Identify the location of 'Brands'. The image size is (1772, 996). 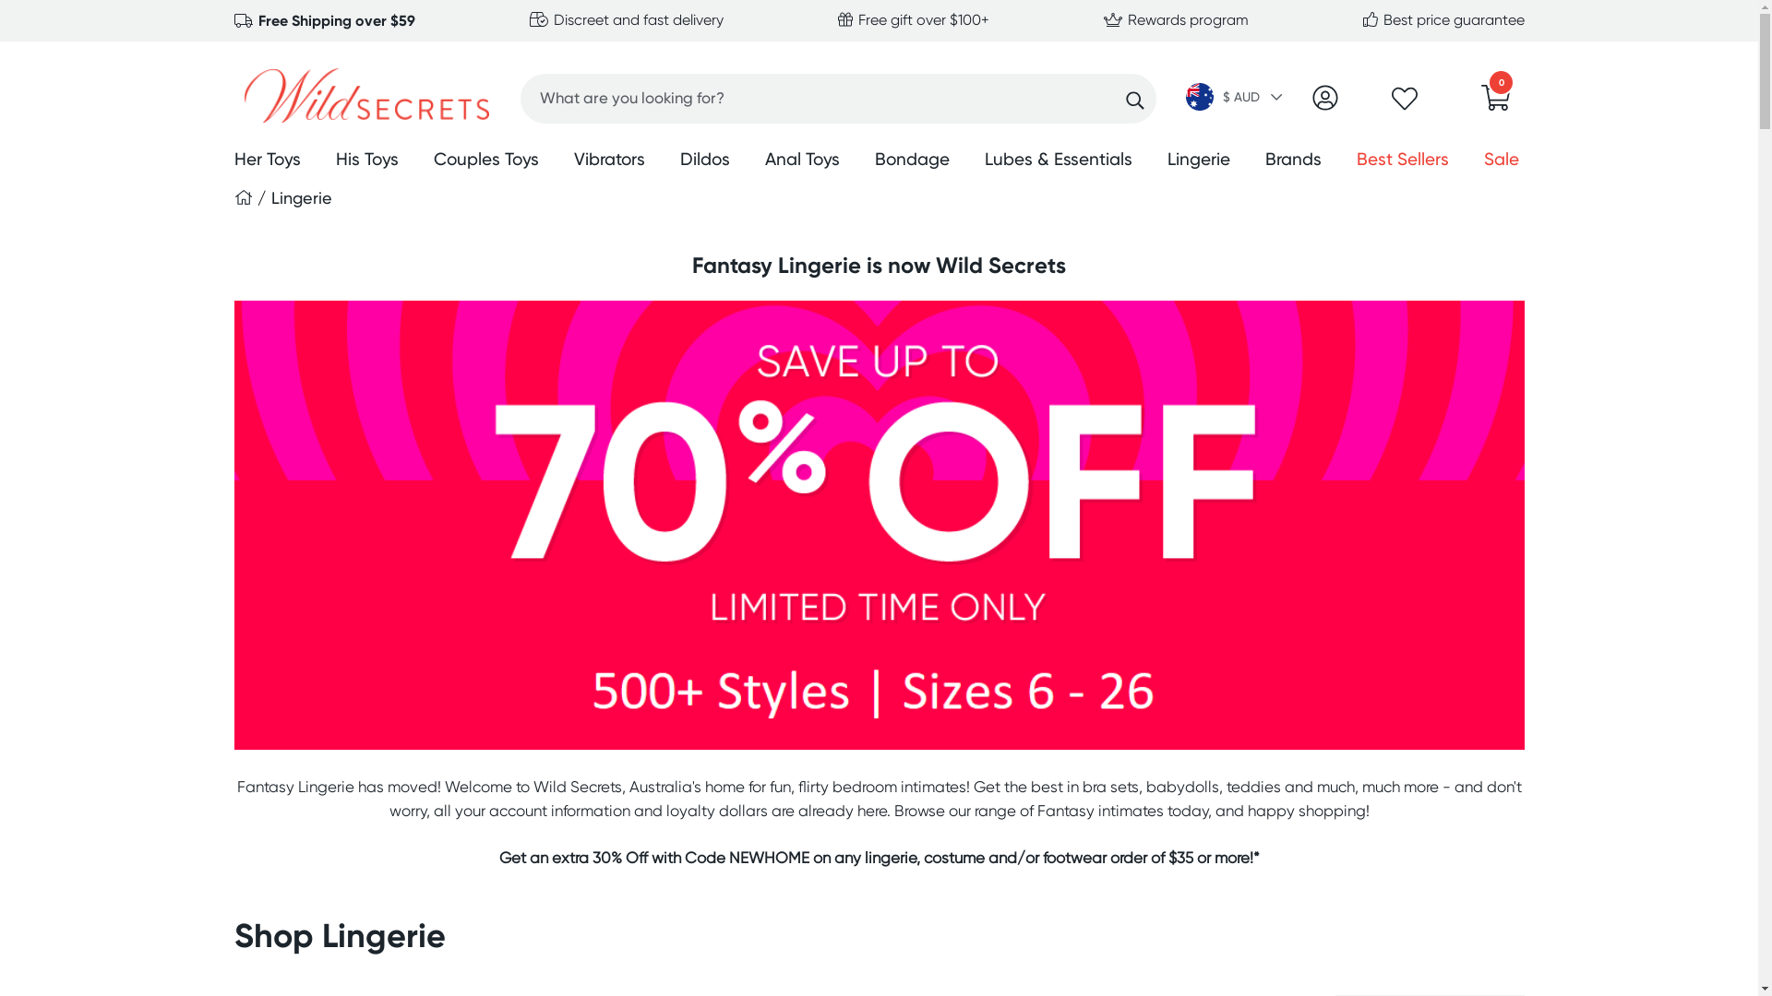
(1291, 160).